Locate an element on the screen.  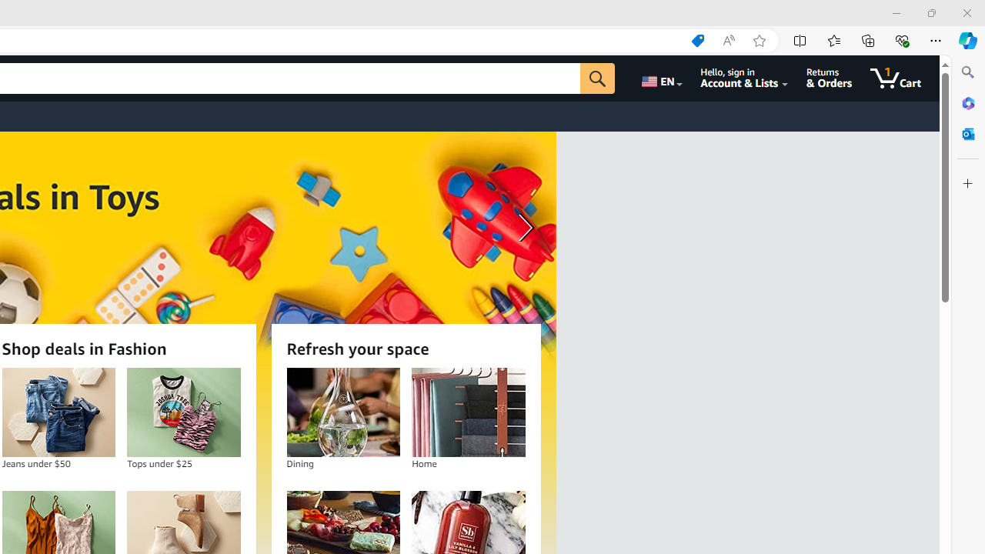
'Returns & Orders' is located at coordinates (828, 78).